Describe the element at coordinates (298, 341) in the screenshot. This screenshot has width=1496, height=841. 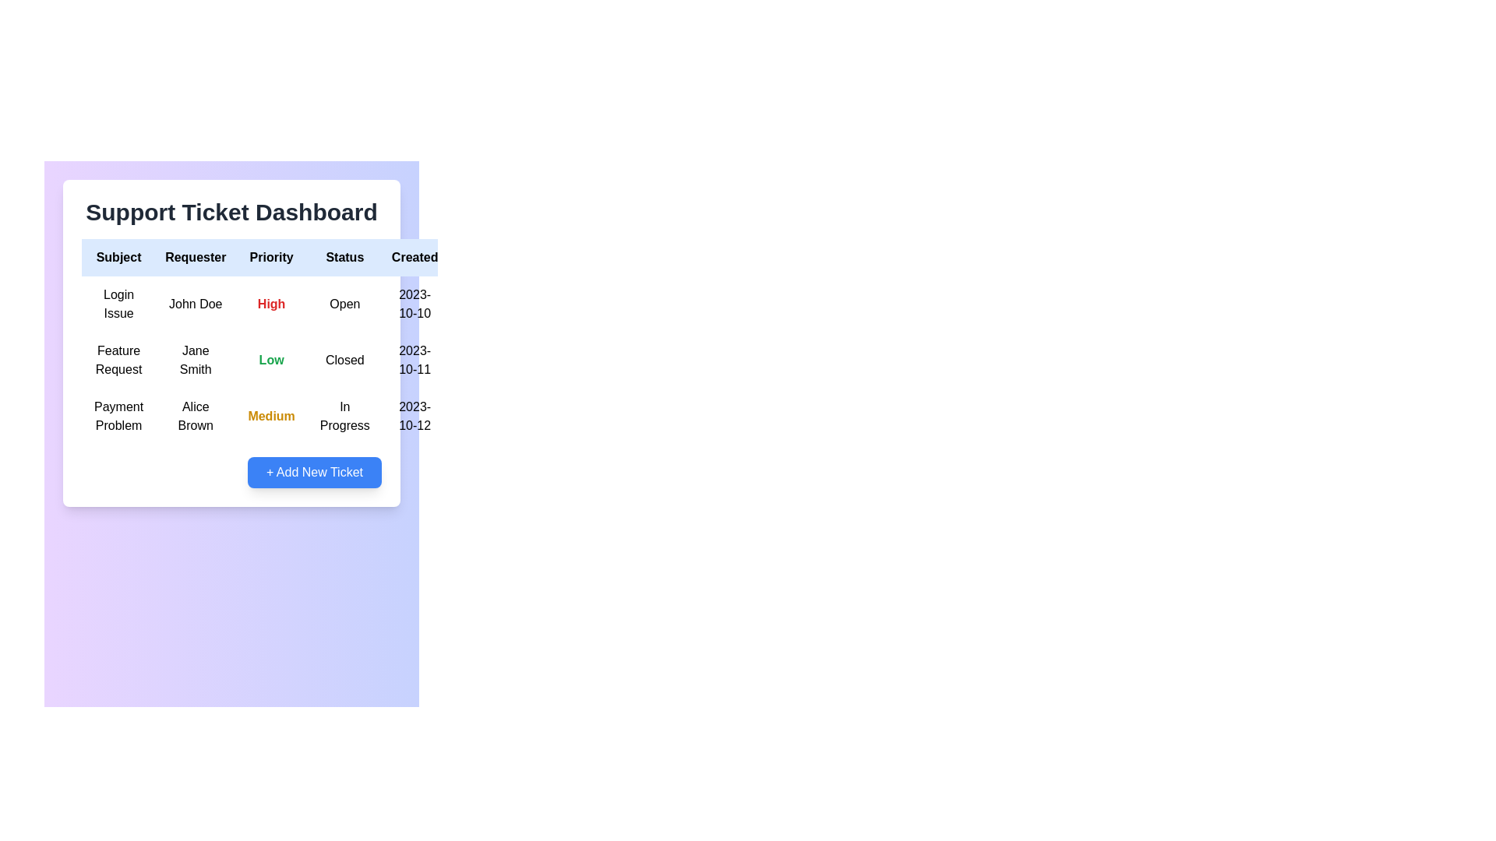
I see `the rows or columns of the Data Table displaying support ticket details in the Support Ticket Dashboard` at that location.